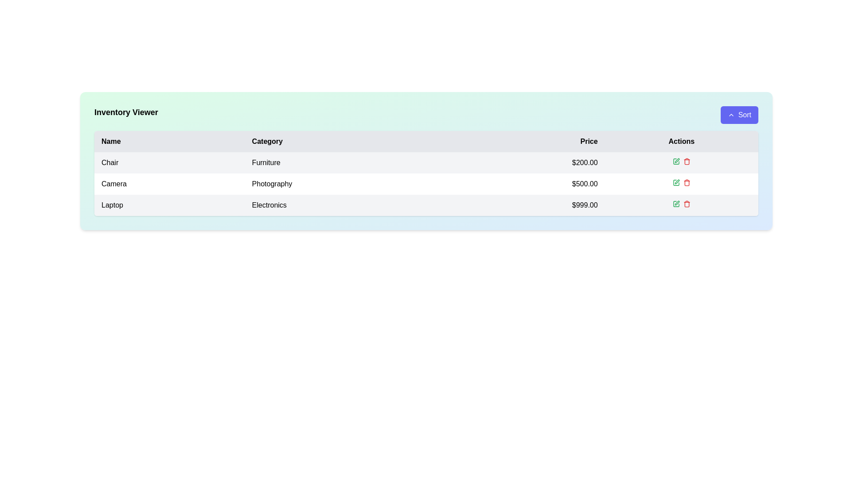 This screenshot has height=478, width=851. I want to click on the red trash icon button in the 'Actions' column of the second row, so click(686, 182).